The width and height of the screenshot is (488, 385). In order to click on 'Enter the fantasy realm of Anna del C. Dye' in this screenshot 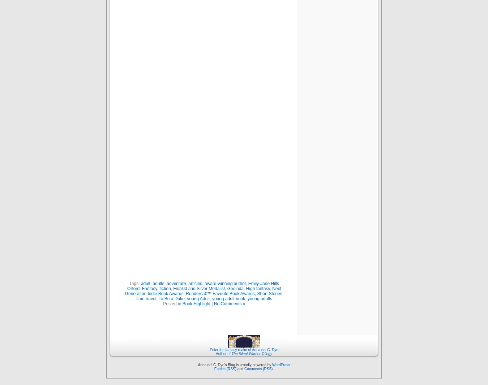, I will do `click(244, 349)`.